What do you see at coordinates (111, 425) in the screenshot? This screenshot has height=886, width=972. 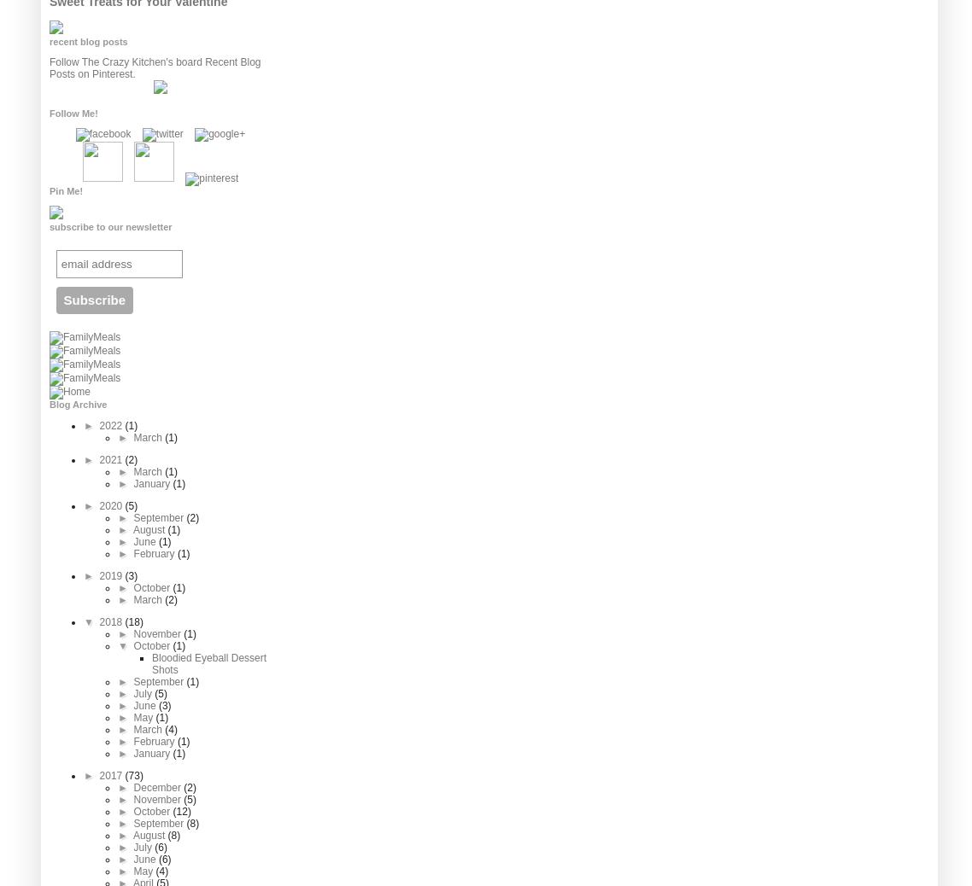 I see `'2022'` at bounding box center [111, 425].